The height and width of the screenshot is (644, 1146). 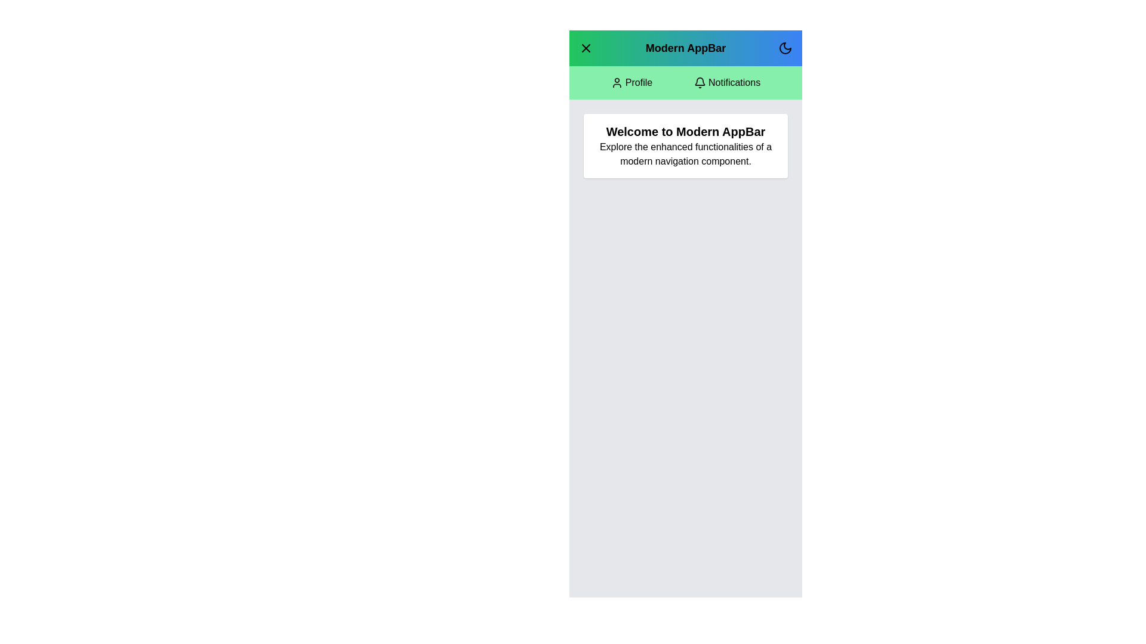 What do you see at coordinates (726, 82) in the screenshot?
I see `'Notifications' button` at bounding box center [726, 82].